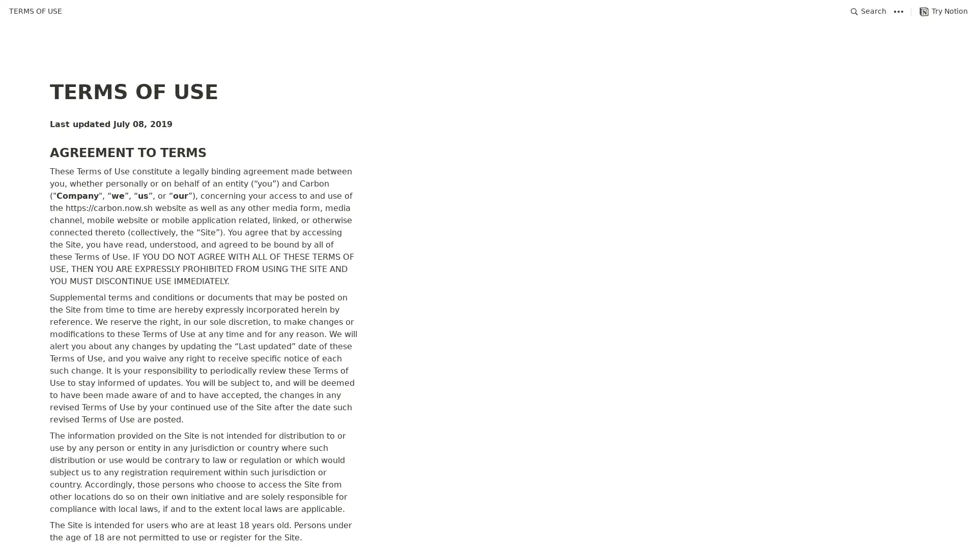 This screenshot has width=977, height=549. Describe the element at coordinates (943, 11) in the screenshot. I see `Try Notion` at that location.